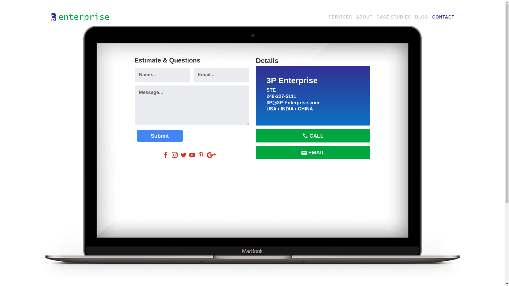  Describe the element at coordinates (393, 20) in the screenshot. I see `'CASE STUDIES'` at that location.